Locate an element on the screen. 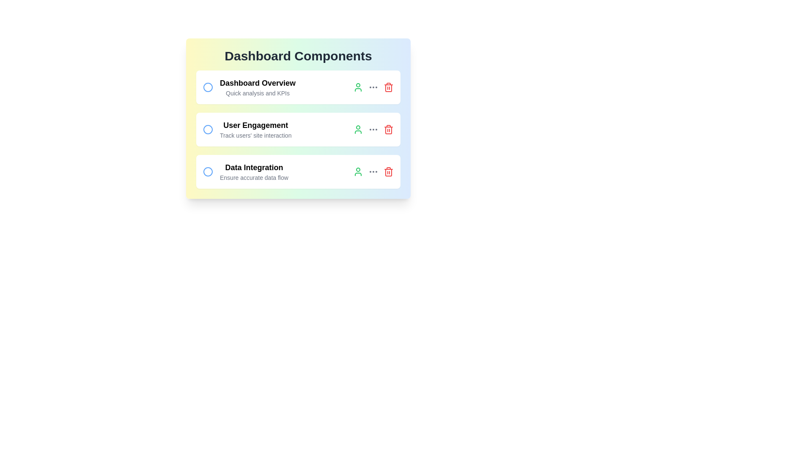  the circle next to the task 'Dashboard Overview' to select it is located at coordinates (208, 87).